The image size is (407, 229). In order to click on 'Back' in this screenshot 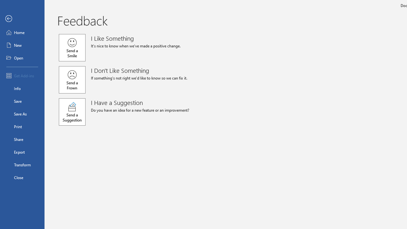, I will do `click(22, 18)`.